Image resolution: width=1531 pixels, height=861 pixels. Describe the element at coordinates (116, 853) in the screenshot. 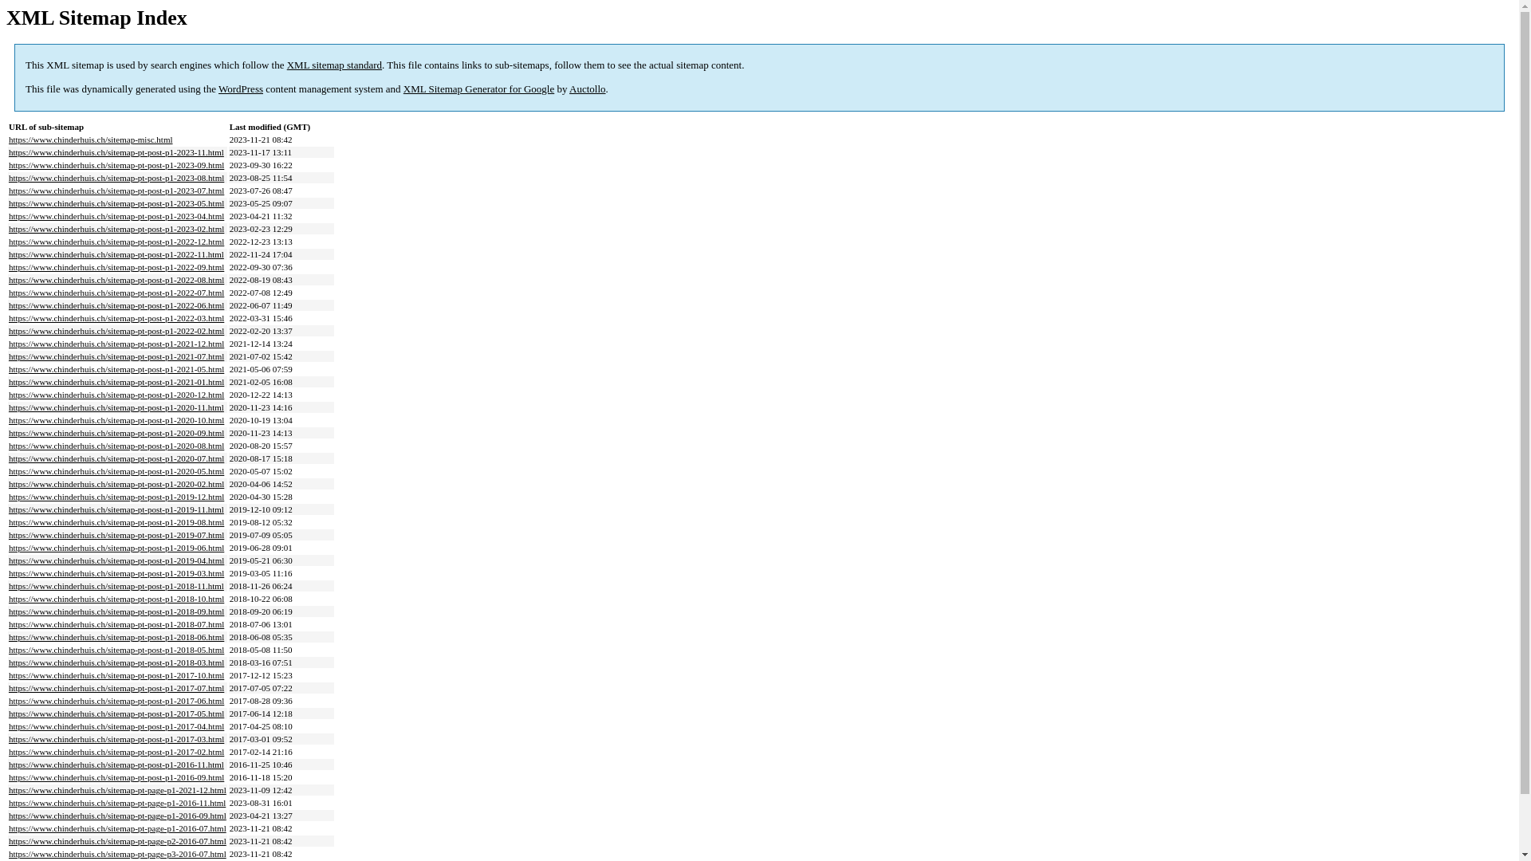

I see `'https://www.chinderhuis.ch/sitemap-pt-page-p3-2016-07.html'` at that location.